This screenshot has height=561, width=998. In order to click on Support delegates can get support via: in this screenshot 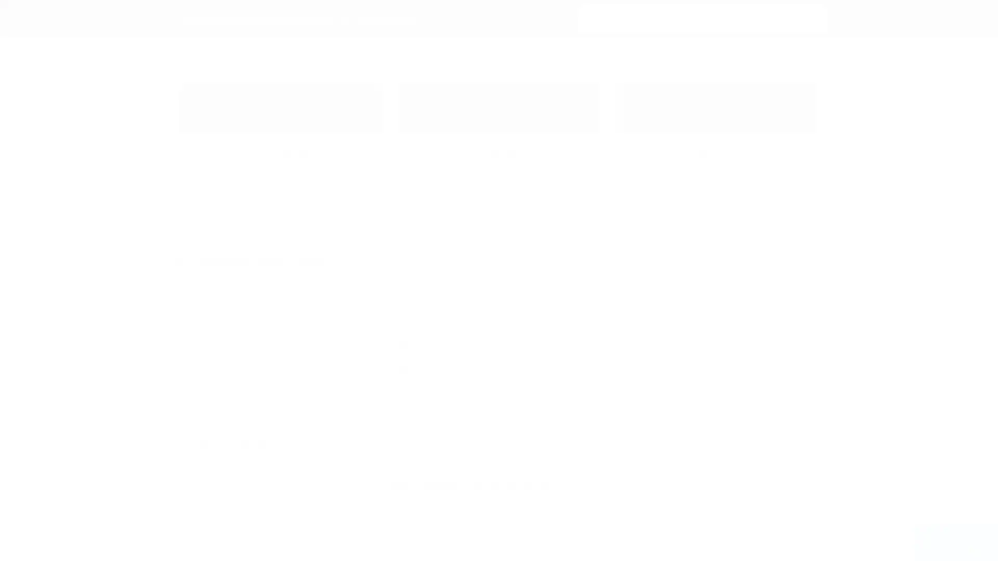, I will do `click(470, 486)`.